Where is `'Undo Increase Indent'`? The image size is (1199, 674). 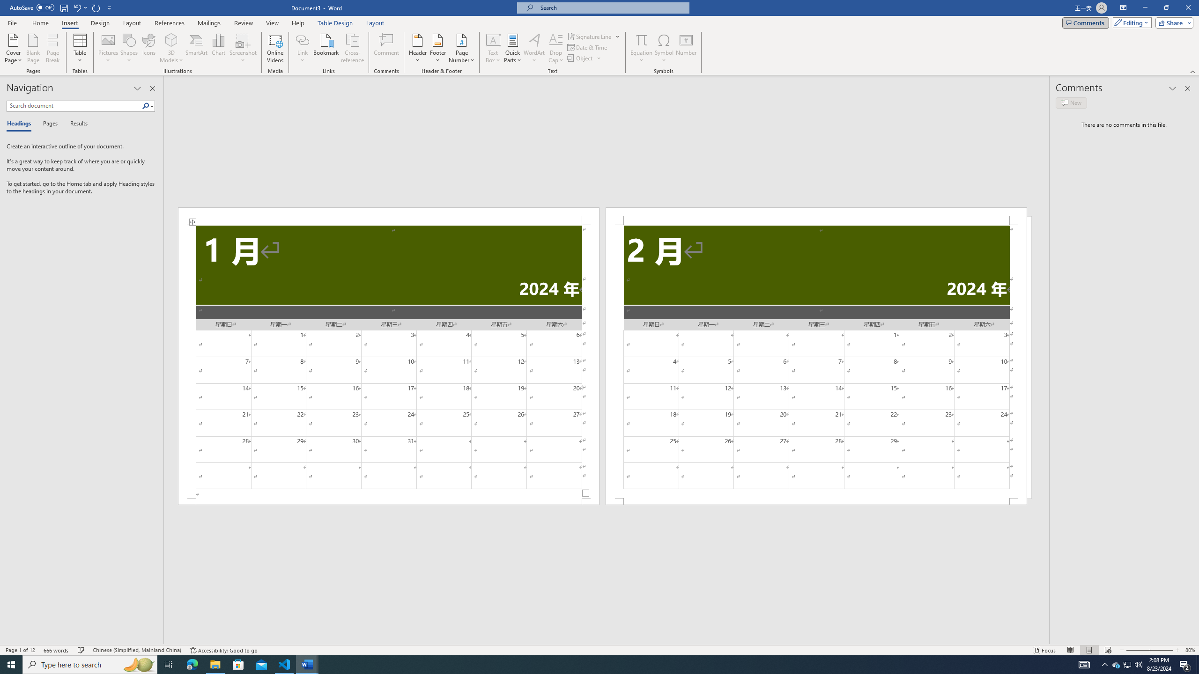
'Undo Increase Indent' is located at coordinates (80, 7).